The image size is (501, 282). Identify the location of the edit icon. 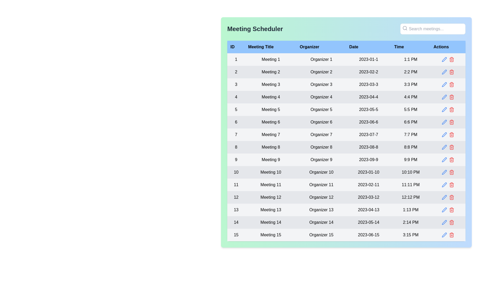
(444, 197).